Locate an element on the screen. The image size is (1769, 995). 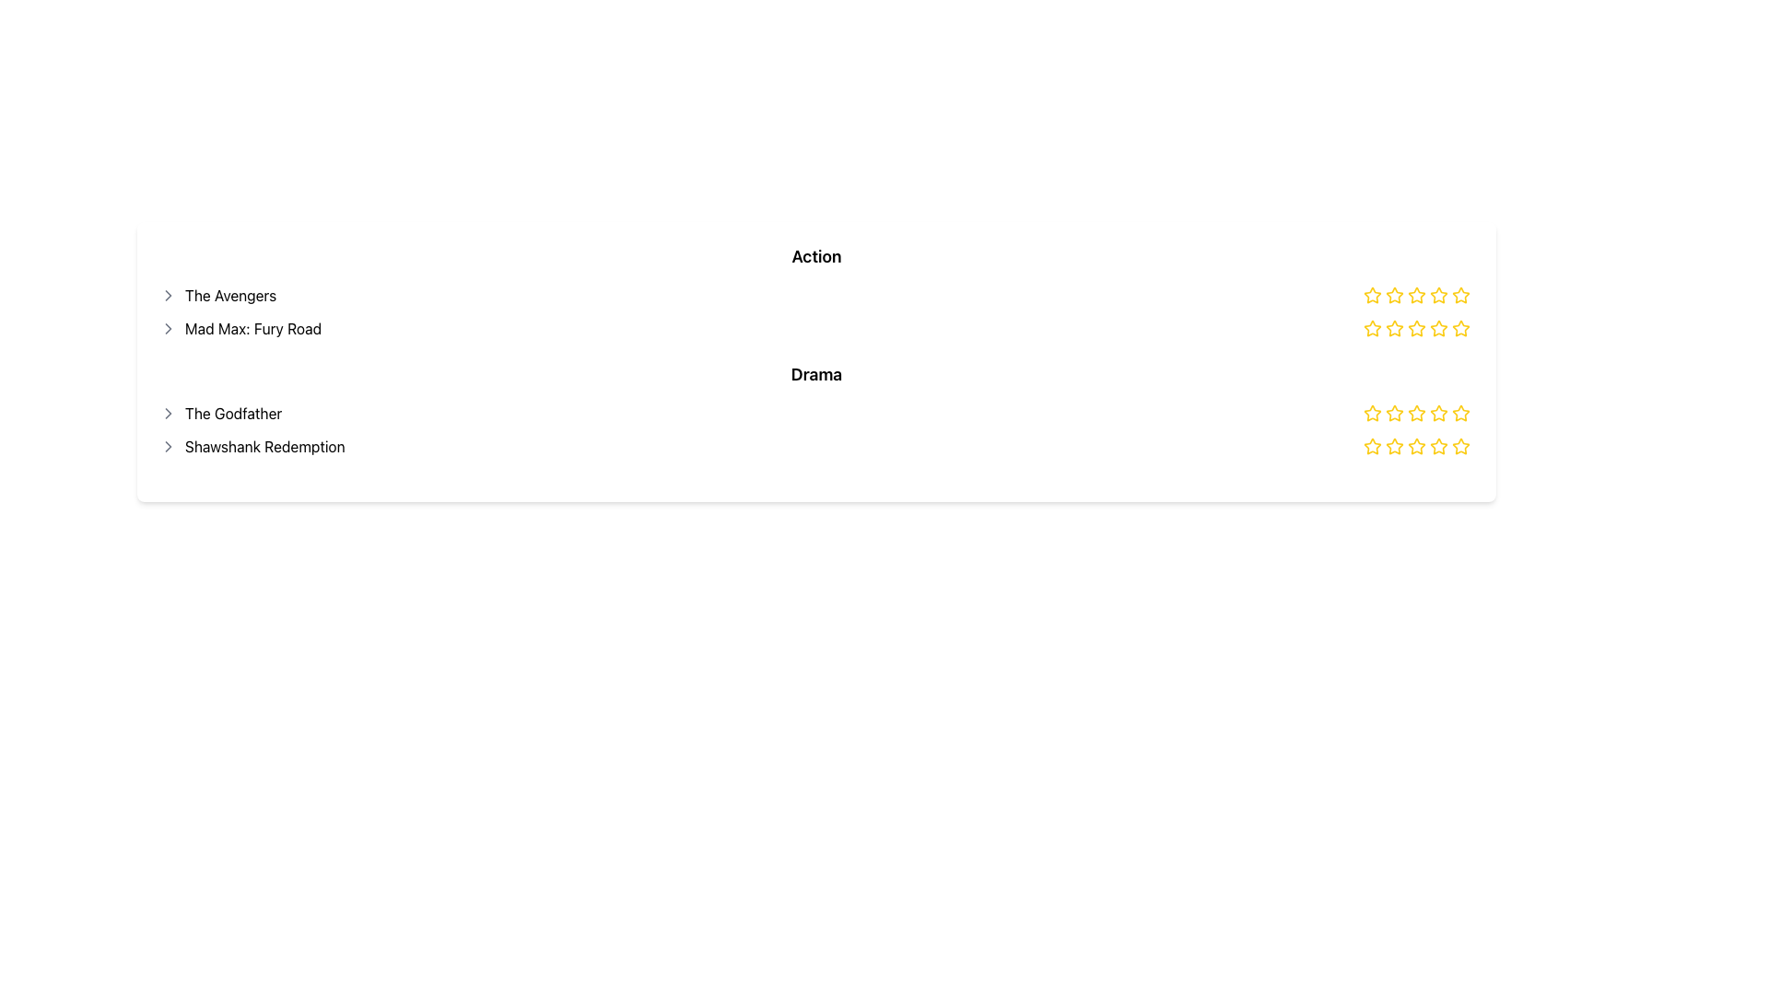
the Rating stars element for the movie 'The Godfather', which consists of five star icons with the second star filled, located in the ratings section of the third row is located at coordinates (1418, 412).